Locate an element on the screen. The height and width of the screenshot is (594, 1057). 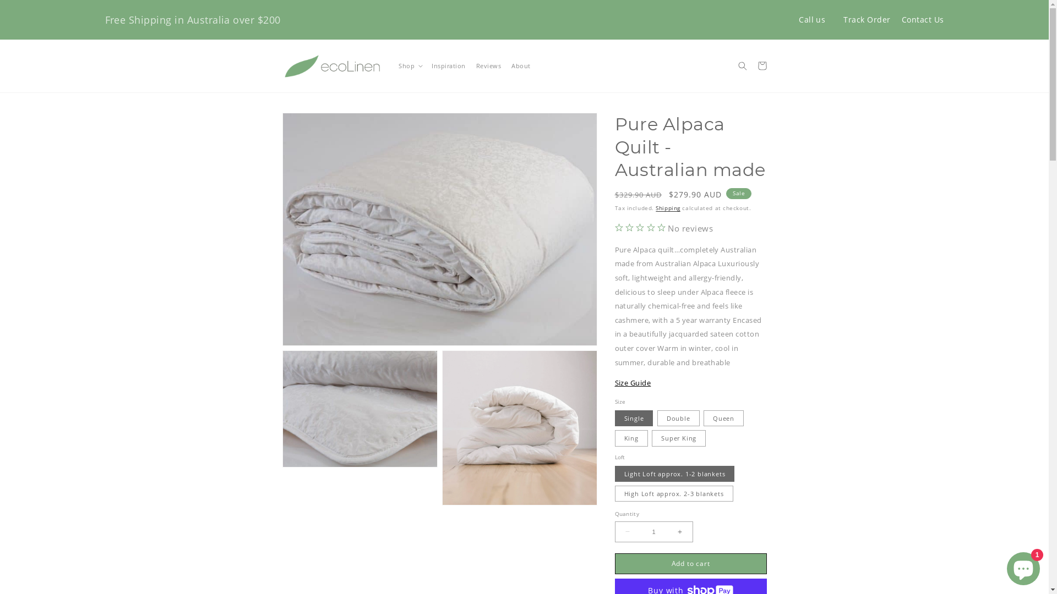
'Decrease quantity for Pure Alpaca Quilt - Australian made' is located at coordinates (628, 531).